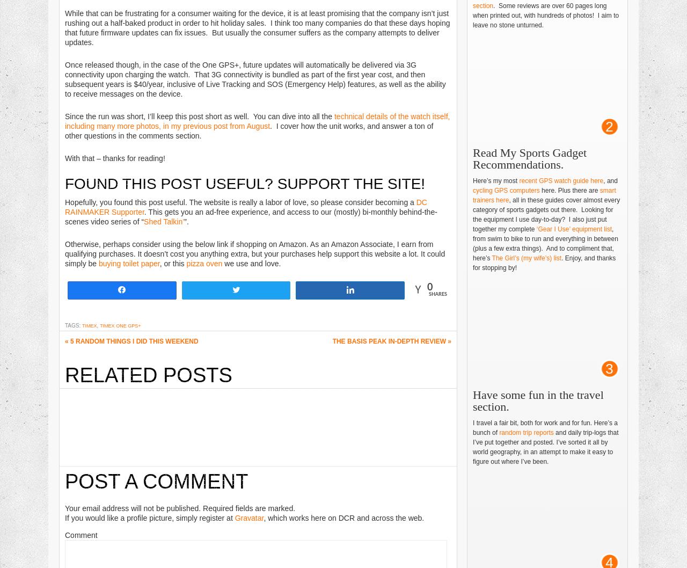 The image size is (687, 568). Describe the element at coordinates (204, 262) in the screenshot. I see `'pizza oven'` at that location.